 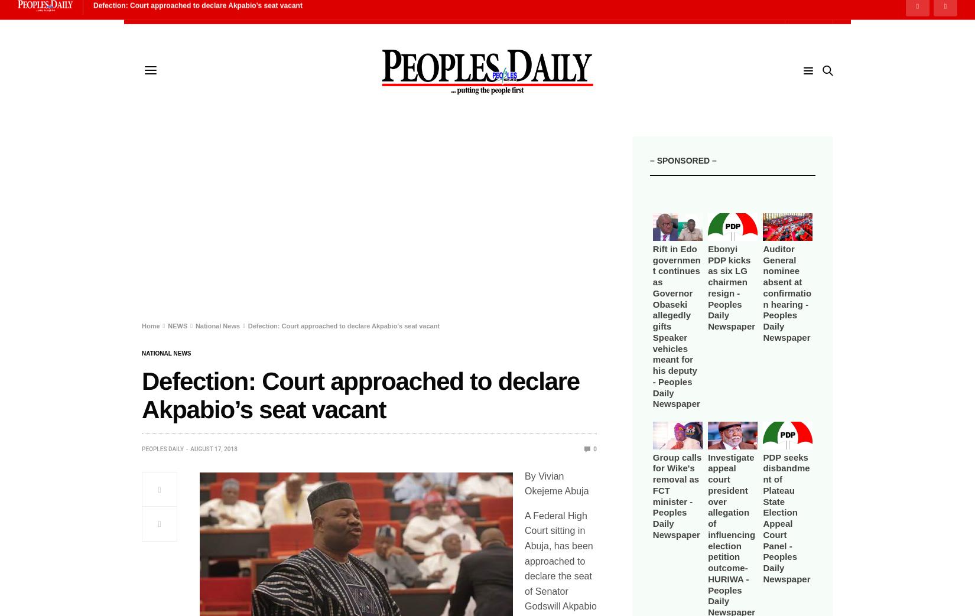 I want to click on 'By Vivian Okejeme Abuja', so click(x=556, y=483).